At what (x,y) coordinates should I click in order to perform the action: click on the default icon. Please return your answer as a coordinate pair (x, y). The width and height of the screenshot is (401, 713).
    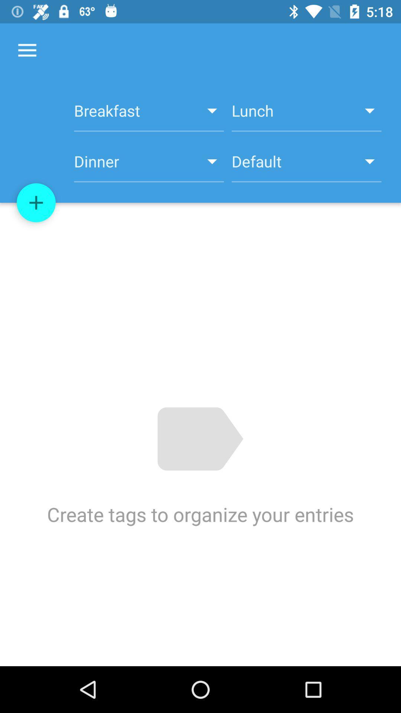
    Looking at the image, I should click on (306, 165).